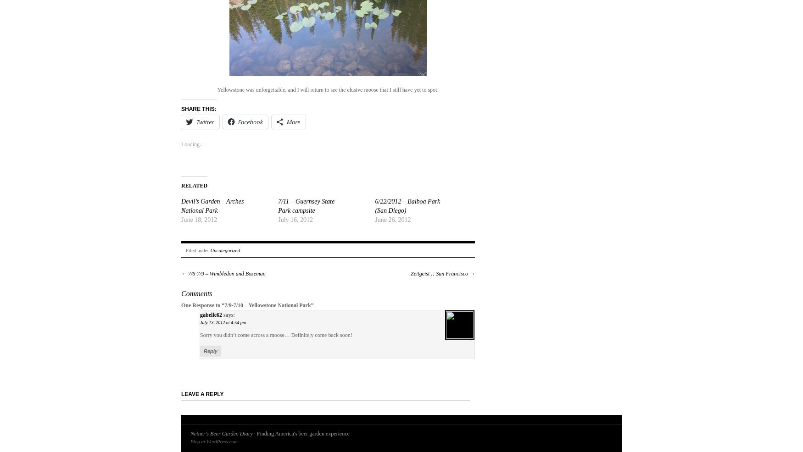 The image size is (803, 452). I want to click on 'Reply', so click(203, 351).